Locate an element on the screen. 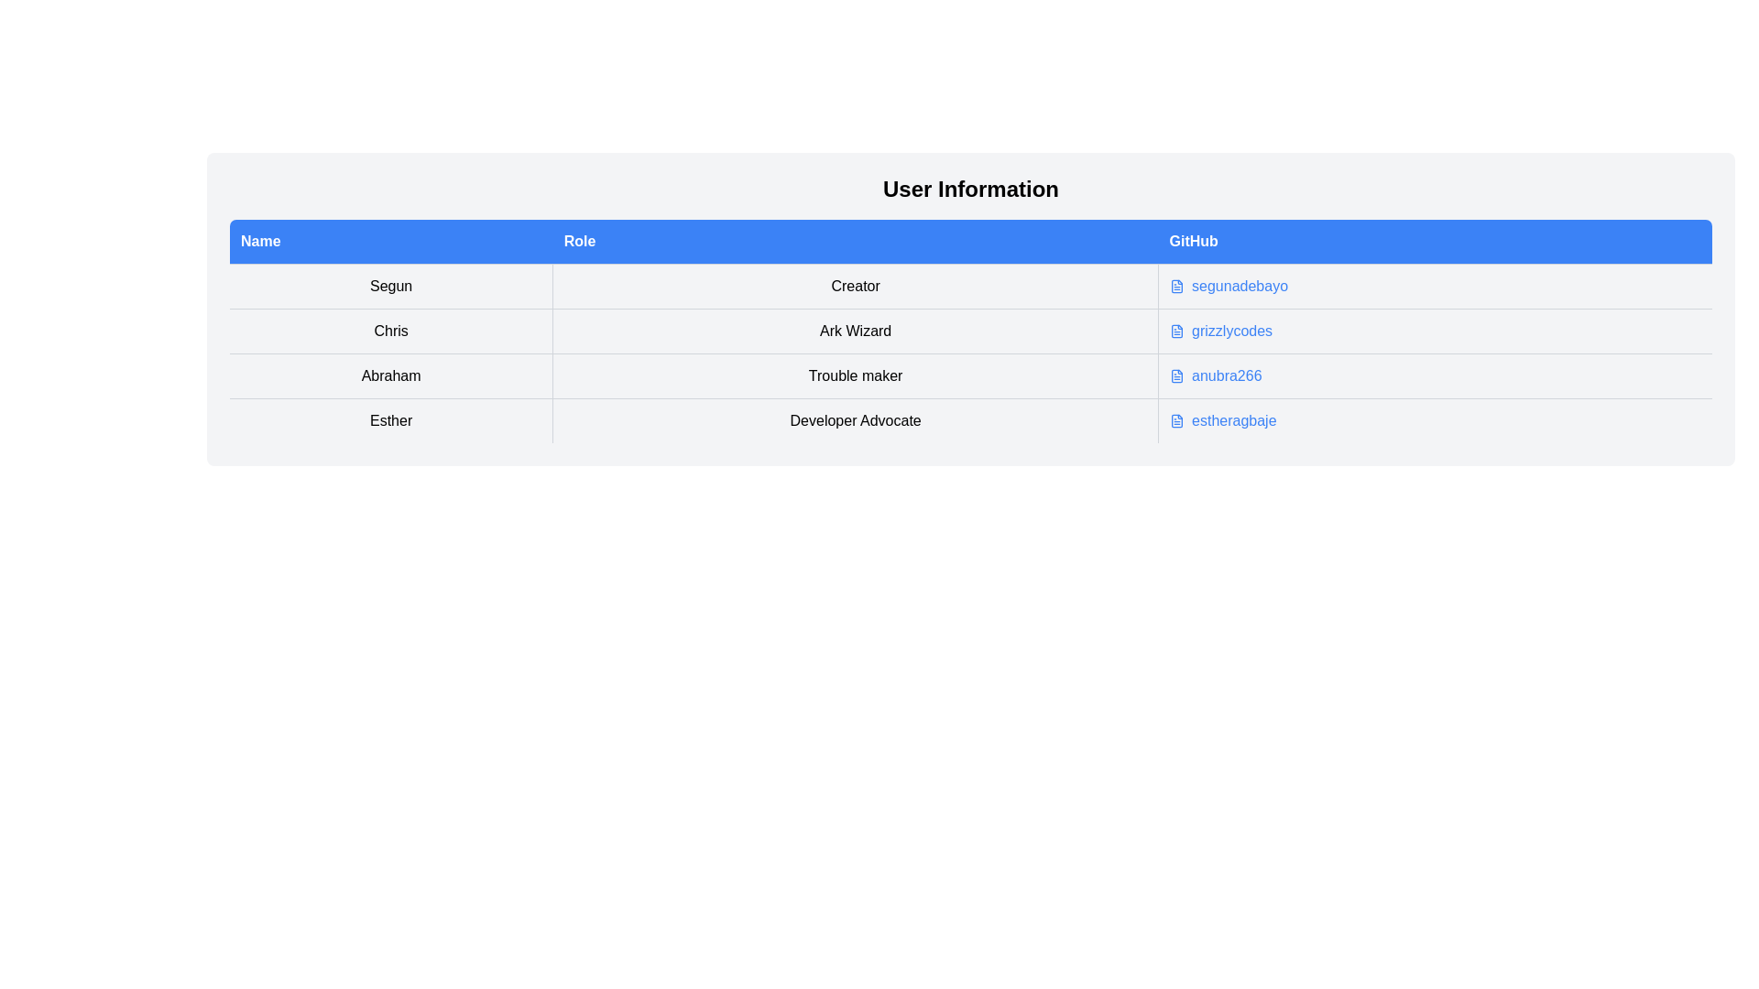  text label displaying 'Trouble maker' in the 'Role' column of the row associated with 'Abraham' is located at coordinates (855, 375).